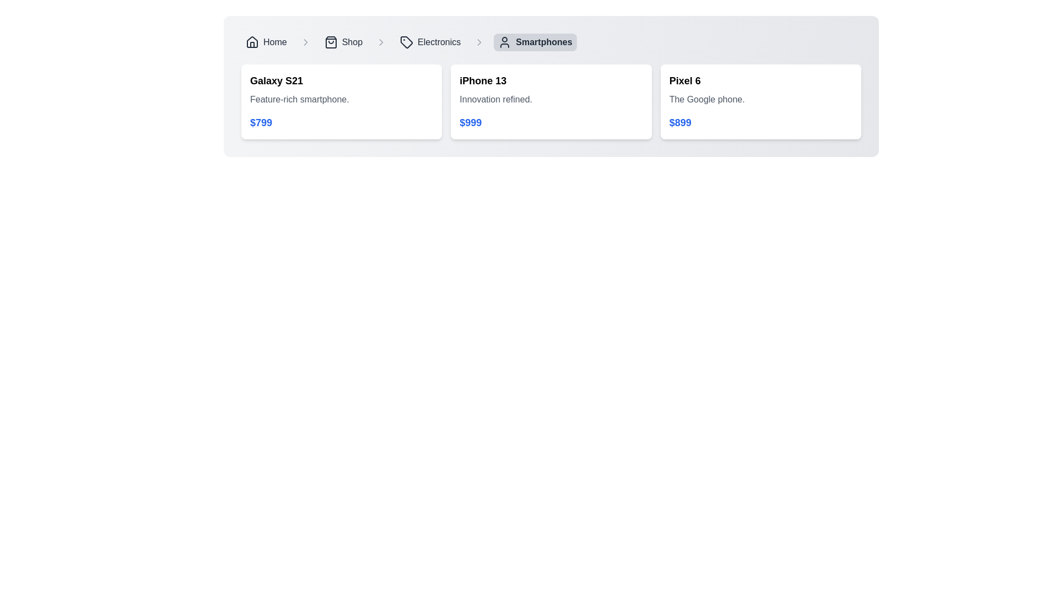  What do you see at coordinates (544, 42) in the screenshot?
I see `the 'Smartphones' static text located in the breadcrumb navigation bar, which is styled in bold dark gray and positioned next to the user icon` at bounding box center [544, 42].